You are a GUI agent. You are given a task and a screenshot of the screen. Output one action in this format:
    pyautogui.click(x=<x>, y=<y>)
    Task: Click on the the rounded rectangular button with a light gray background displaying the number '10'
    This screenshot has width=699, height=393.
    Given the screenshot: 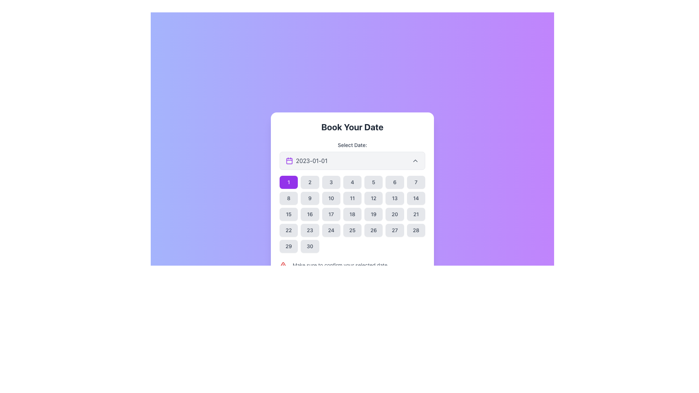 What is the action you would take?
    pyautogui.click(x=331, y=198)
    